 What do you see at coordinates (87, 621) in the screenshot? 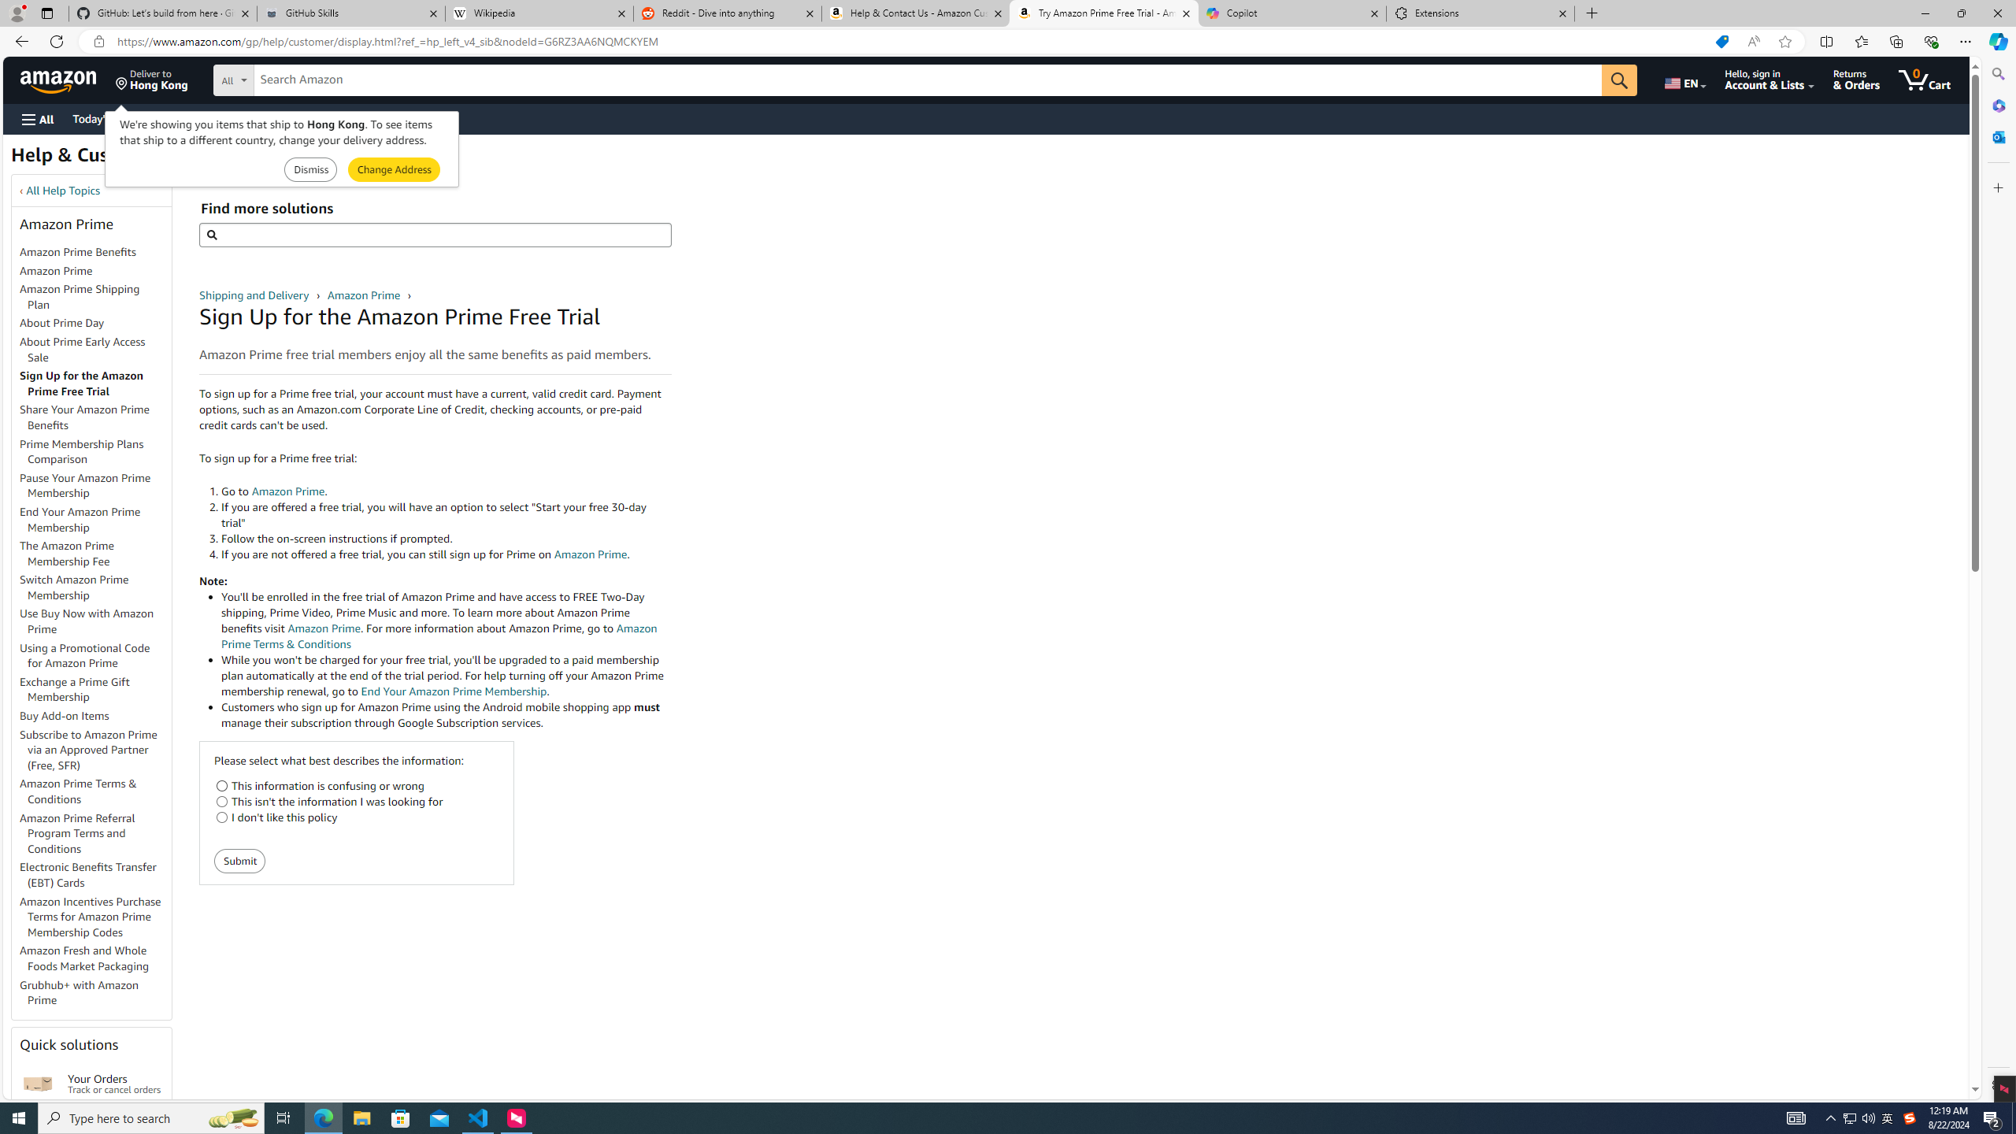
I see `'Use Buy Now with Amazon Prime'` at bounding box center [87, 621].